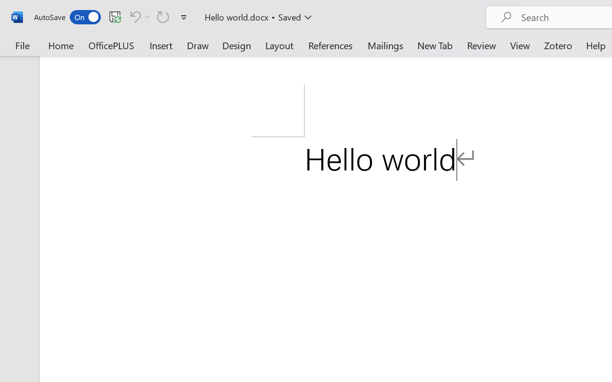 This screenshot has height=382, width=612. Describe the element at coordinates (279, 45) in the screenshot. I see `'Layout'` at that location.